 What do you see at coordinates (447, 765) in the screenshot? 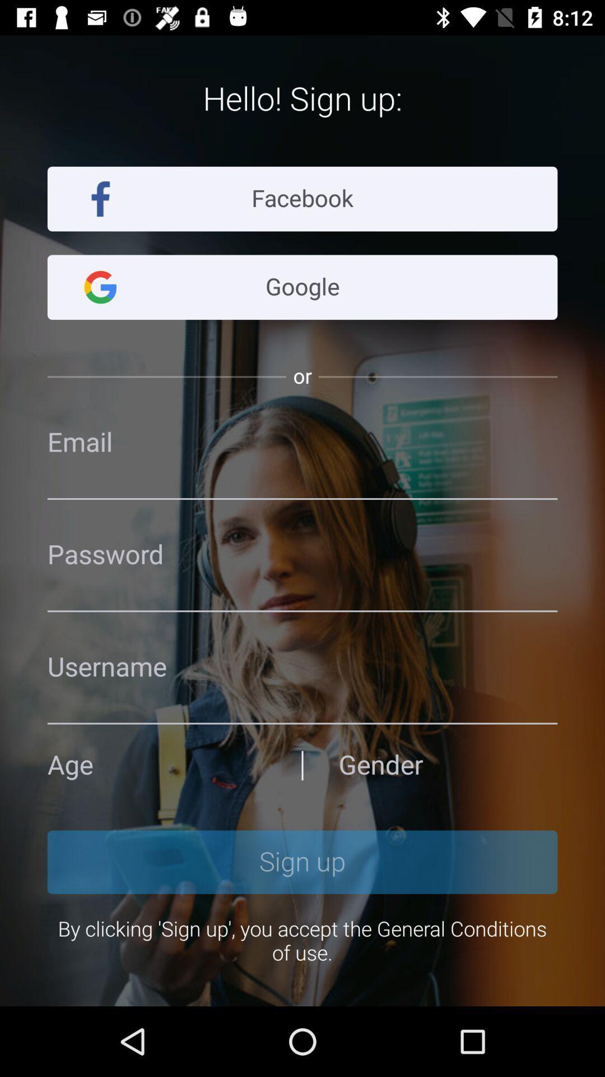
I see `your gender` at bounding box center [447, 765].